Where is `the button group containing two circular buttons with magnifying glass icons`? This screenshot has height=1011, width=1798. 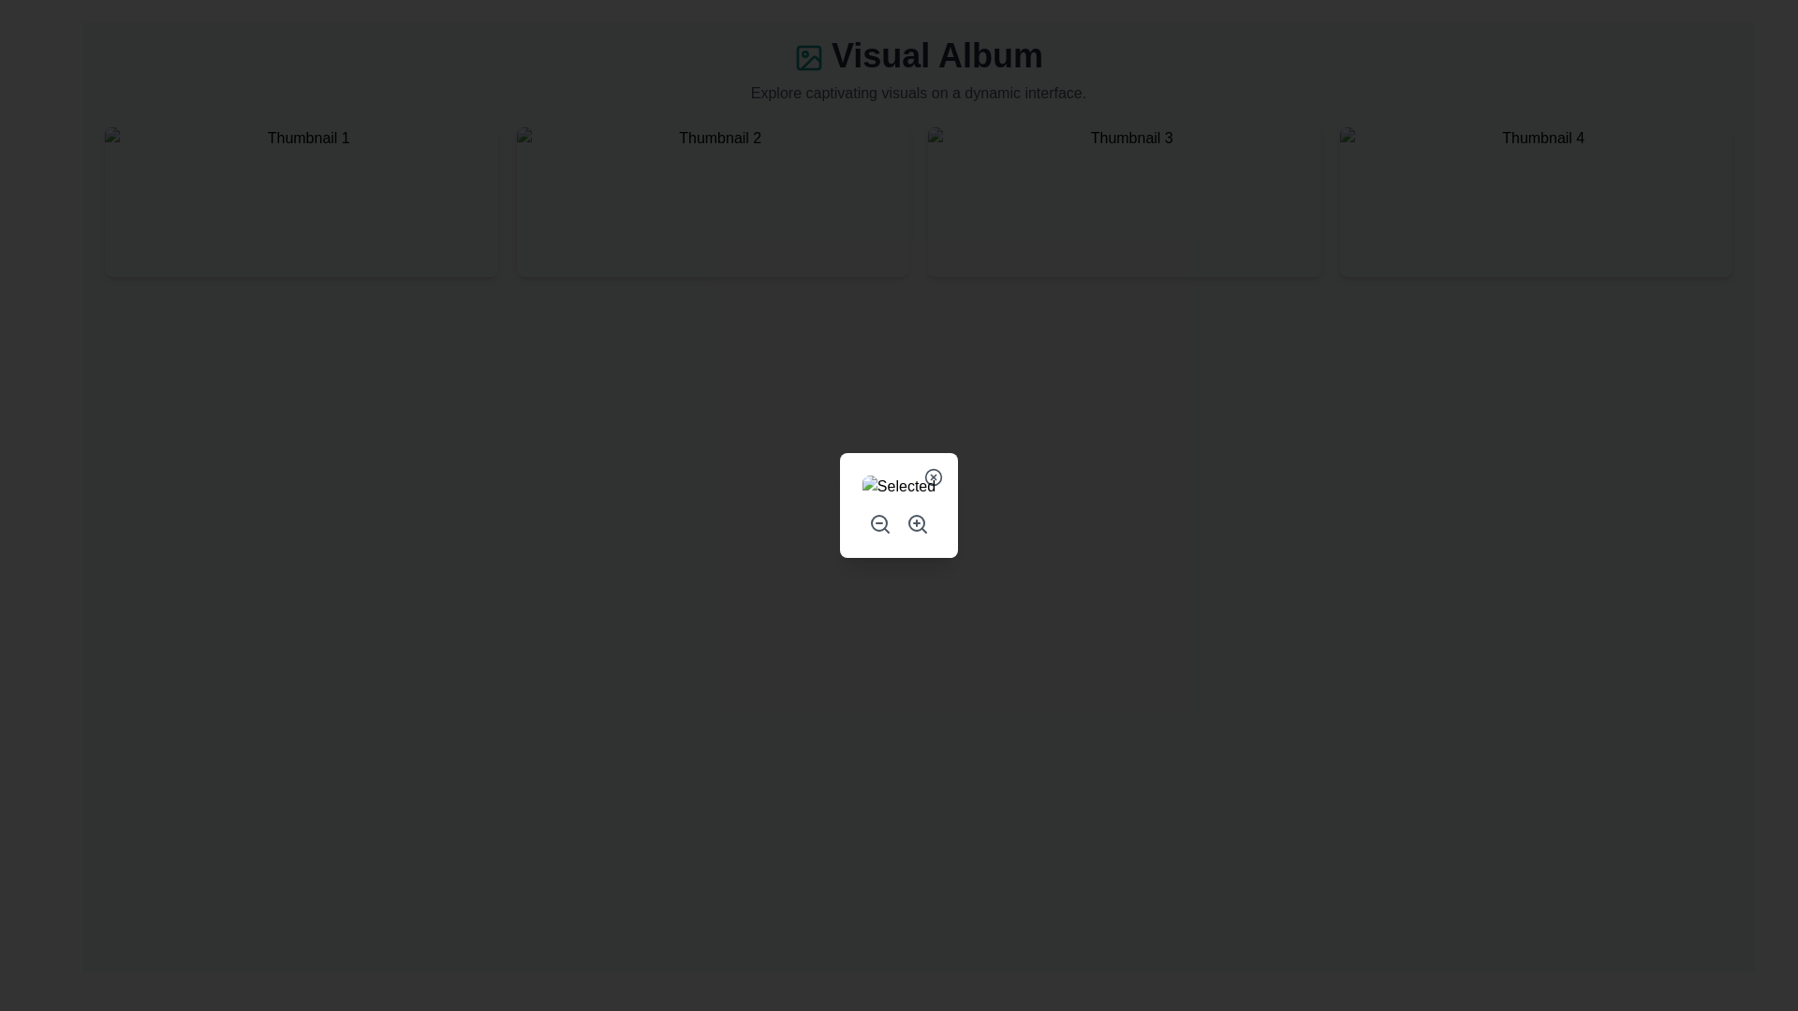 the button group containing two circular buttons with magnifying glass icons is located at coordinates (899, 523).